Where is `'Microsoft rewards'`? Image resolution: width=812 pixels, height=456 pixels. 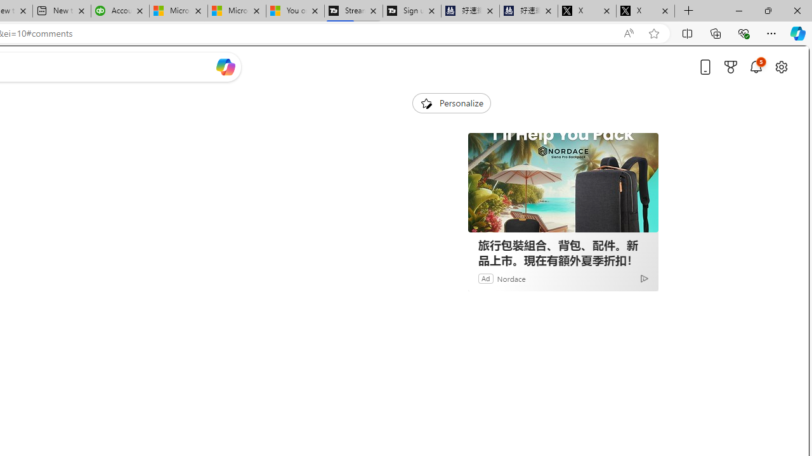 'Microsoft rewards' is located at coordinates (731, 66).